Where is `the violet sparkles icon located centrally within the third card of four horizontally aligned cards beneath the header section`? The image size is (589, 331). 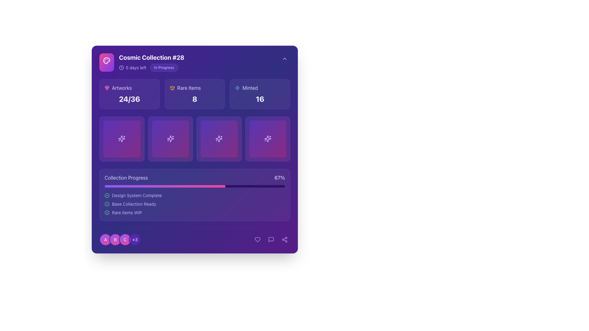
the violet sparkles icon located centrally within the third card of four horizontally aligned cards beneath the header section is located at coordinates (170, 139).